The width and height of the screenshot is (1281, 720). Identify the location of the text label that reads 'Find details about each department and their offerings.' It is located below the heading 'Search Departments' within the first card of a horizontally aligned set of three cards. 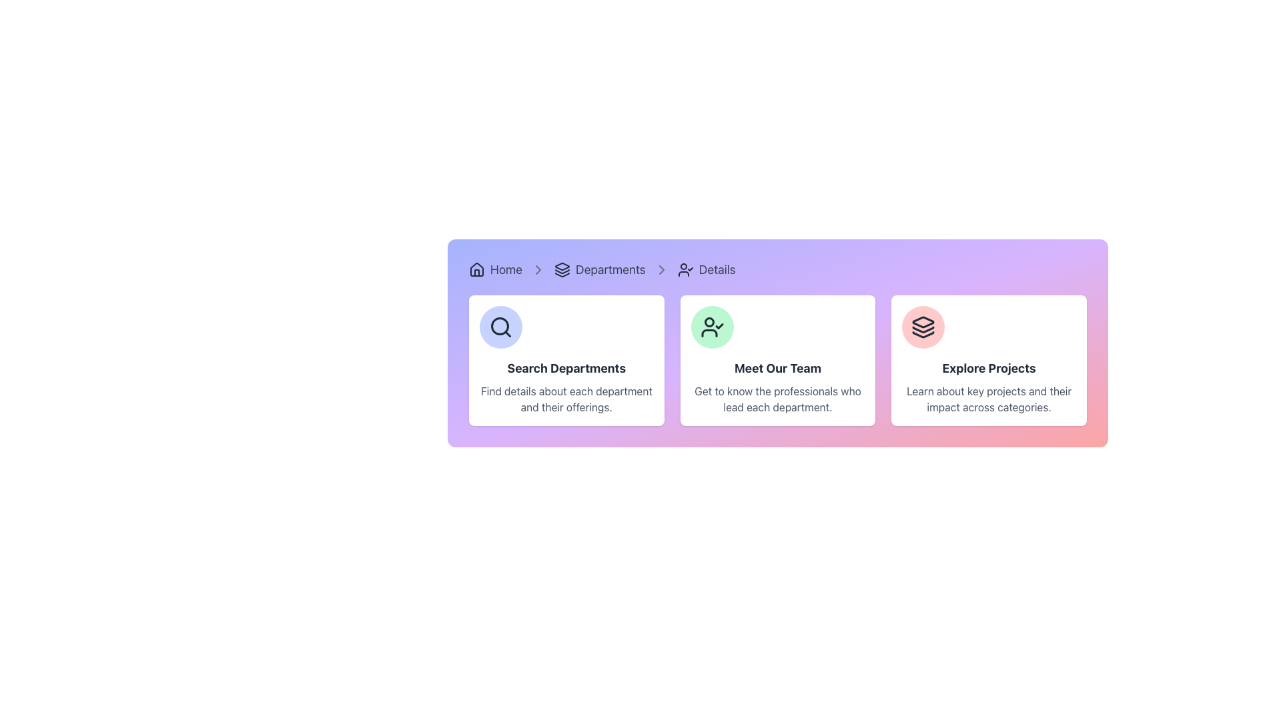
(566, 398).